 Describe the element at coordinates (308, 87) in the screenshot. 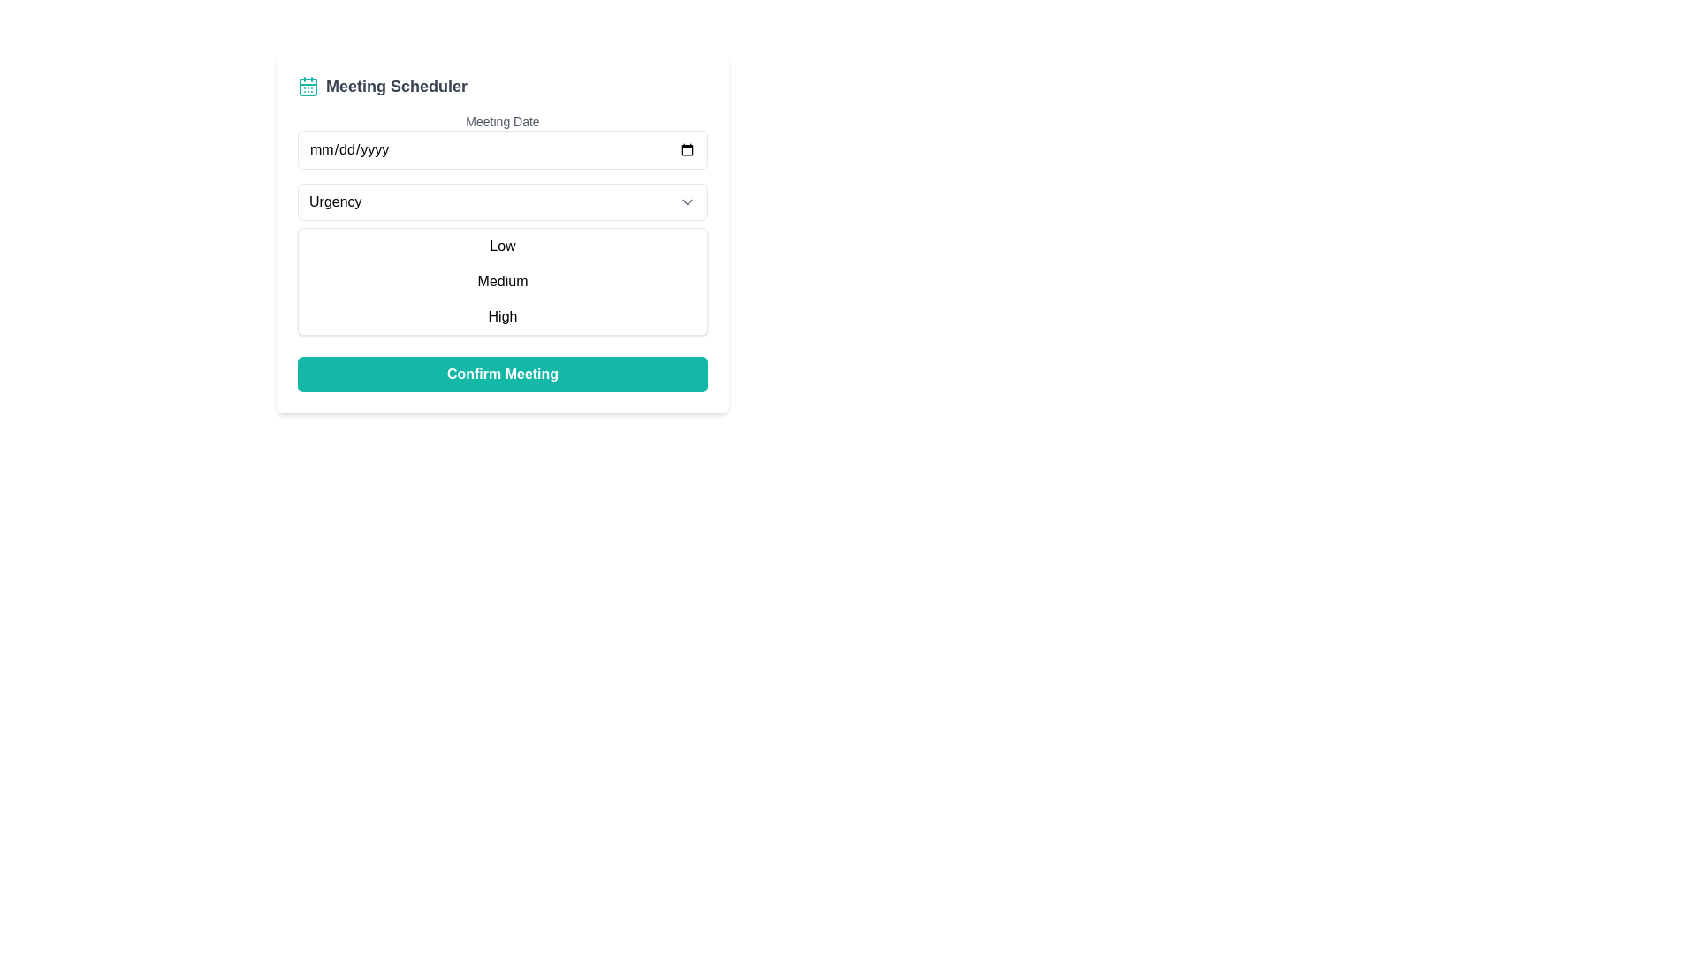

I see `the decorative shape within the calendar icon located in the header section, which is centrally positioned relative to the icon's border` at that location.